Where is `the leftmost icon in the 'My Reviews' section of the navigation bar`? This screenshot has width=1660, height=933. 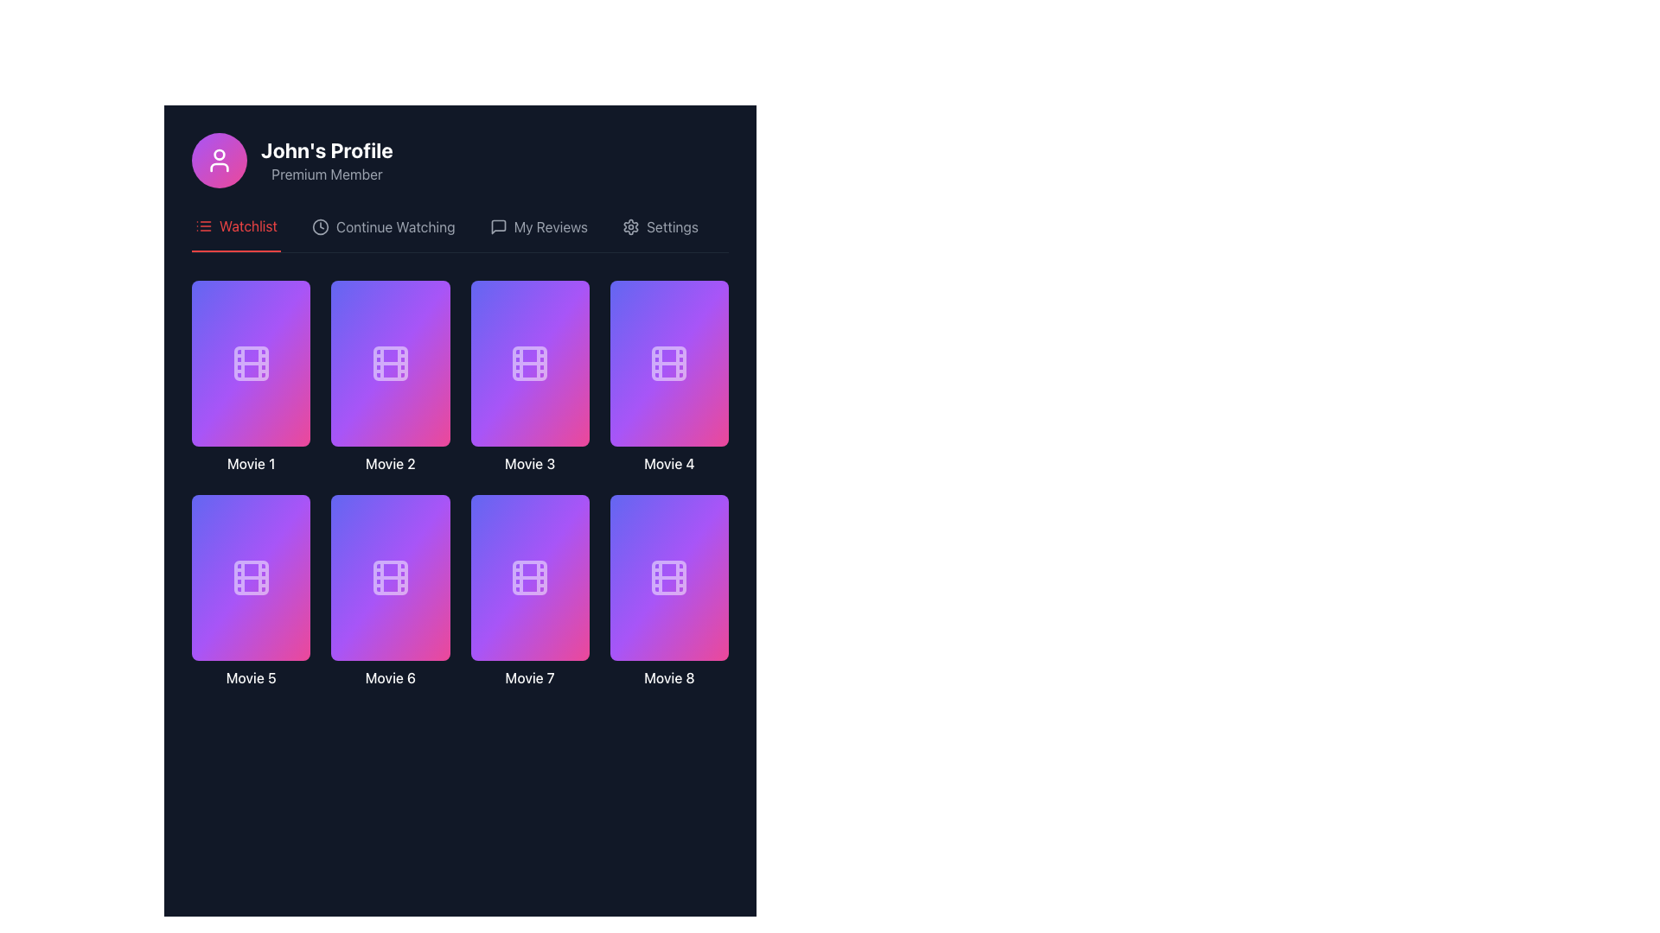 the leftmost icon in the 'My Reviews' section of the navigation bar is located at coordinates (497, 225).